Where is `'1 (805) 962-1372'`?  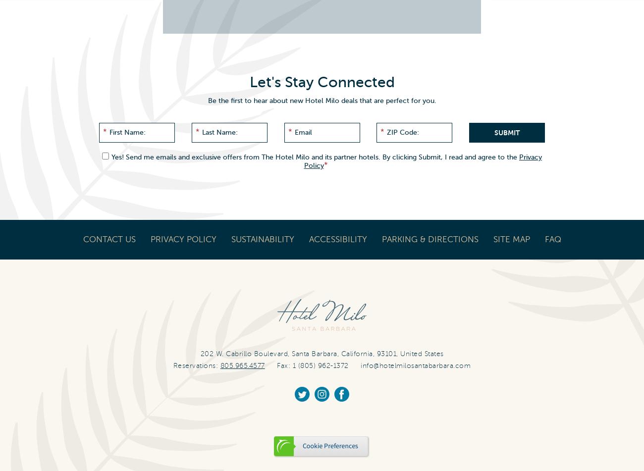
'1 (805) 962-1372' is located at coordinates (291, 365).